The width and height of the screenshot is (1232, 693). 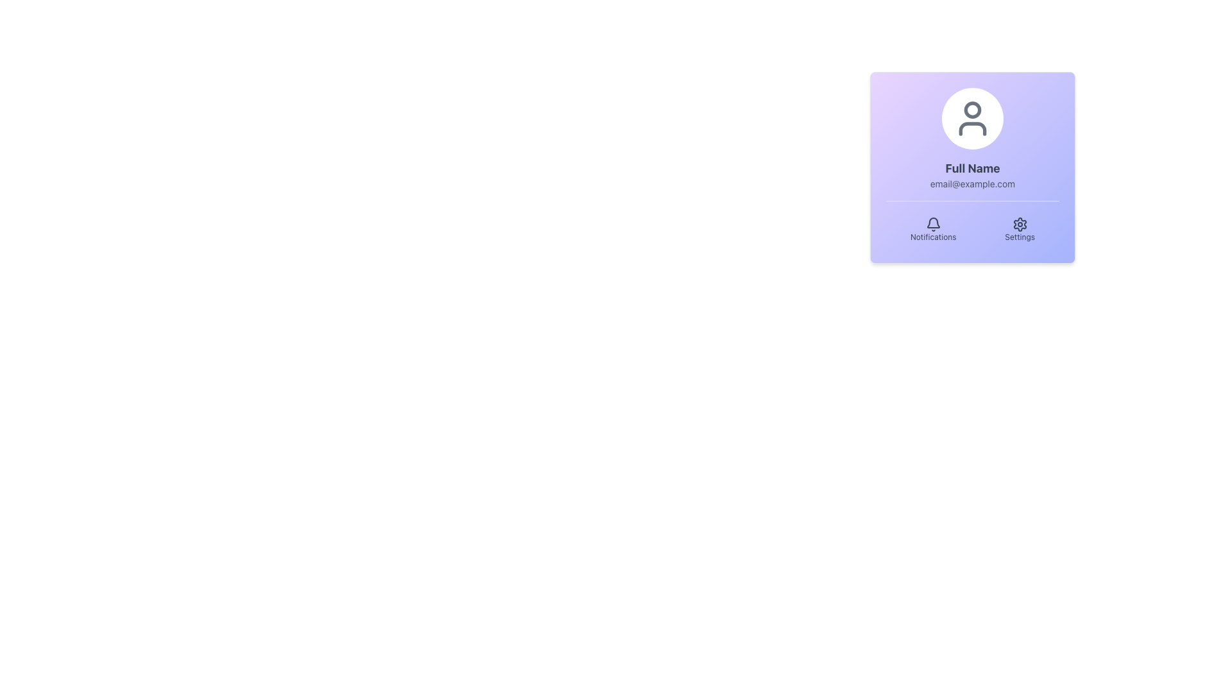 I want to click on the bell-shaped SVG icon located in the bottom-left corner of the user information box, so click(x=933, y=224).